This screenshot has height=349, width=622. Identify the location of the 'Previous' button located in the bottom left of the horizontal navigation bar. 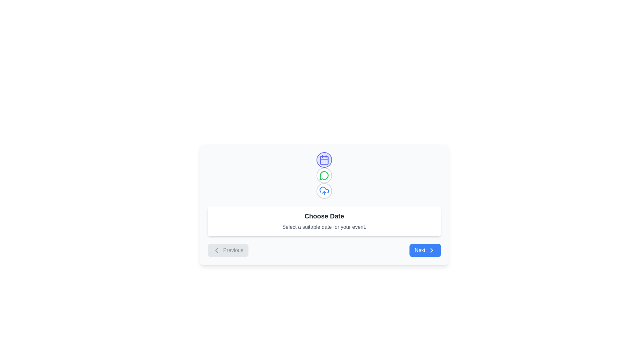
(228, 250).